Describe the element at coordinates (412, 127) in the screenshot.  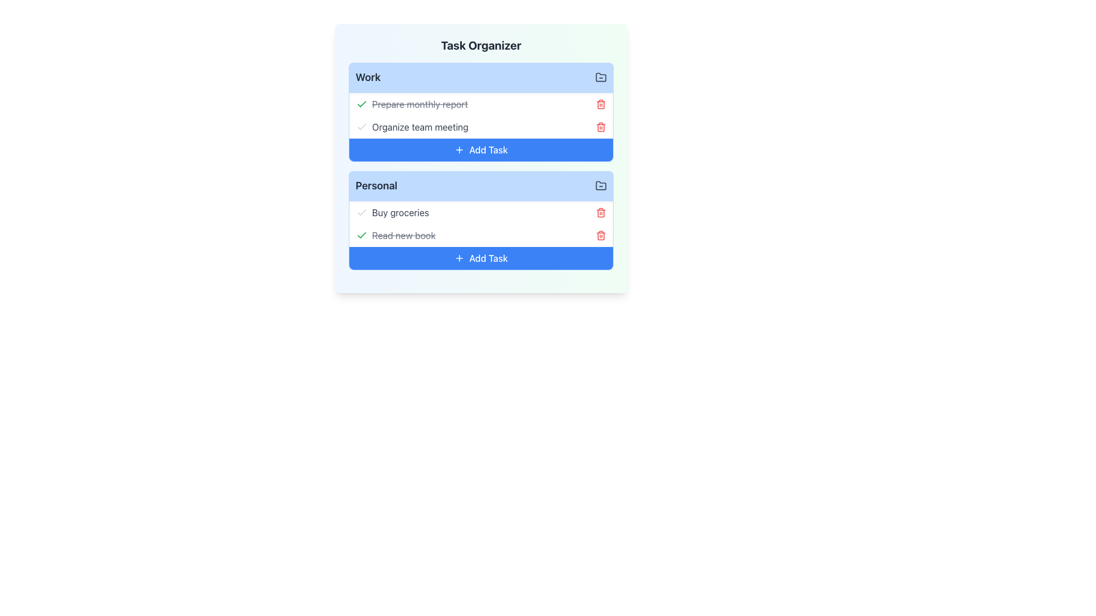
I see `the task item displaying 'Organize team meeting' for editing, which is located in the 'Work' section of the 'Task Organizer' interface` at that location.